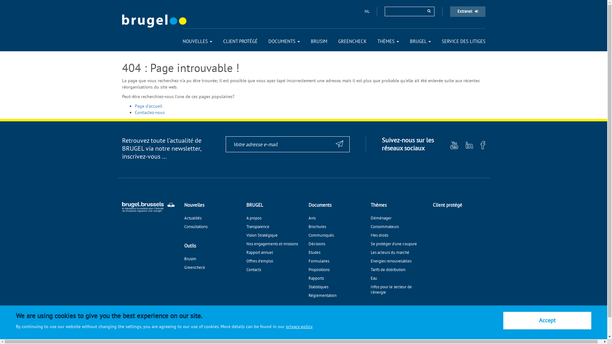 This screenshot has width=612, height=344. Describe the element at coordinates (309, 287) in the screenshot. I see `'Statistiques'` at that location.